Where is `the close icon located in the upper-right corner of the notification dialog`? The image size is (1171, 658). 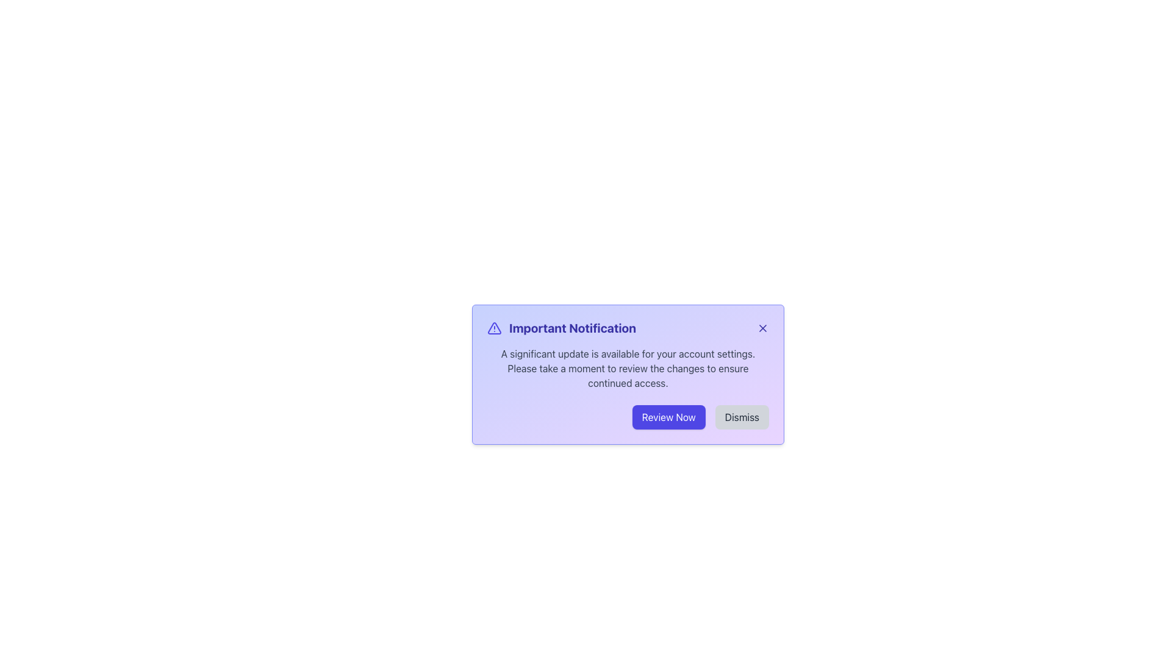 the close icon located in the upper-right corner of the notification dialog is located at coordinates (762, 328).